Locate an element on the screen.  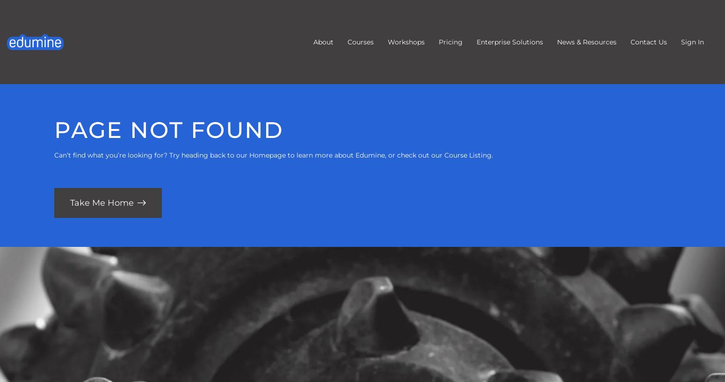
'Sign In' is located at coordinates (692, 42).